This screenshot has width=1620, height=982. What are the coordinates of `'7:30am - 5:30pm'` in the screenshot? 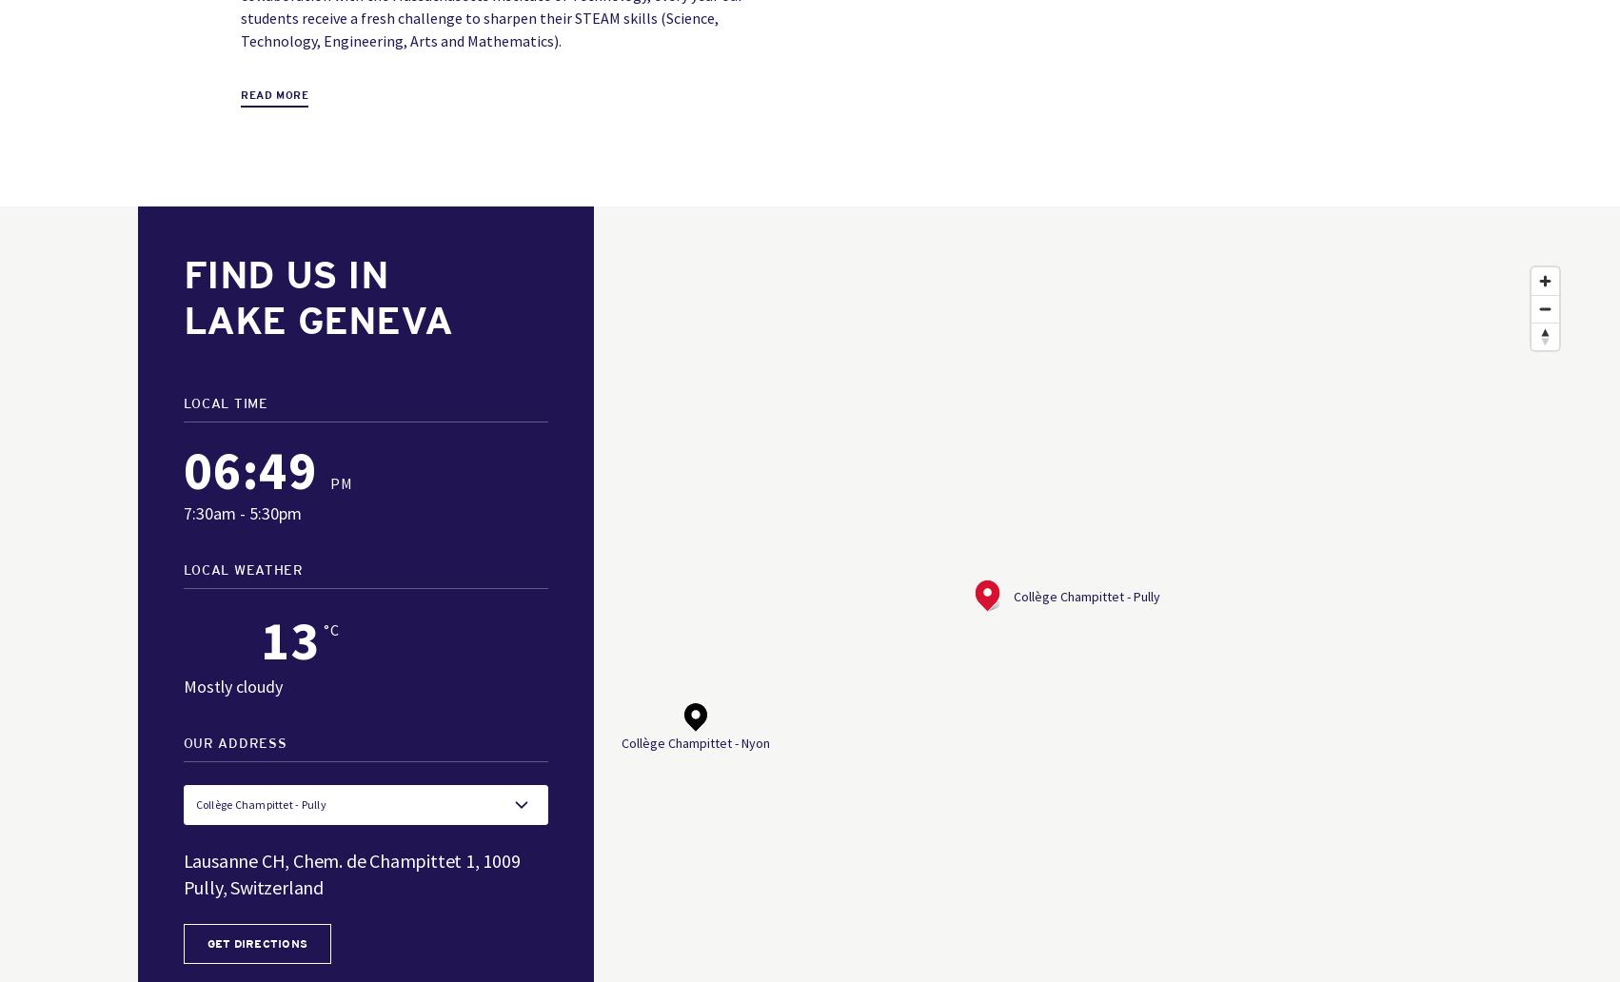 It's located at (240, 513).